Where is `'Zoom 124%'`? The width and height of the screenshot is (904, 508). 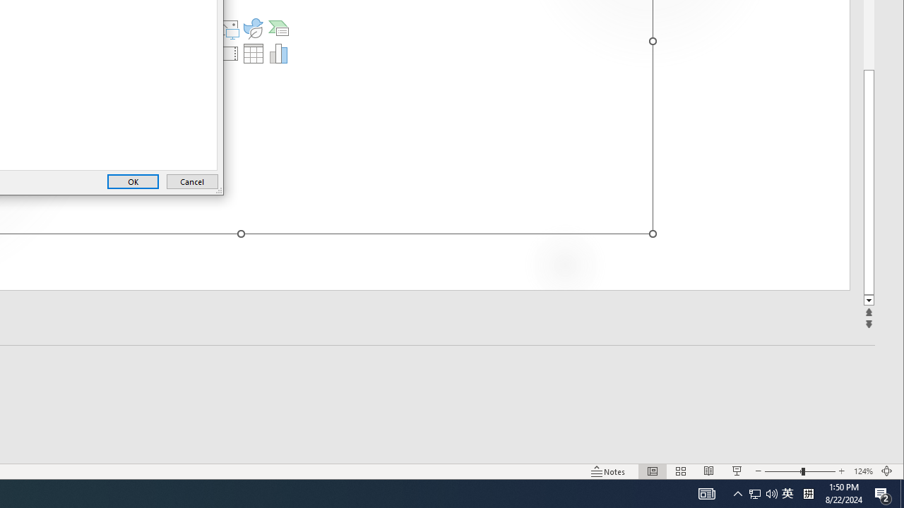 'Zoom 124%' is located at coordinates (862, 471).